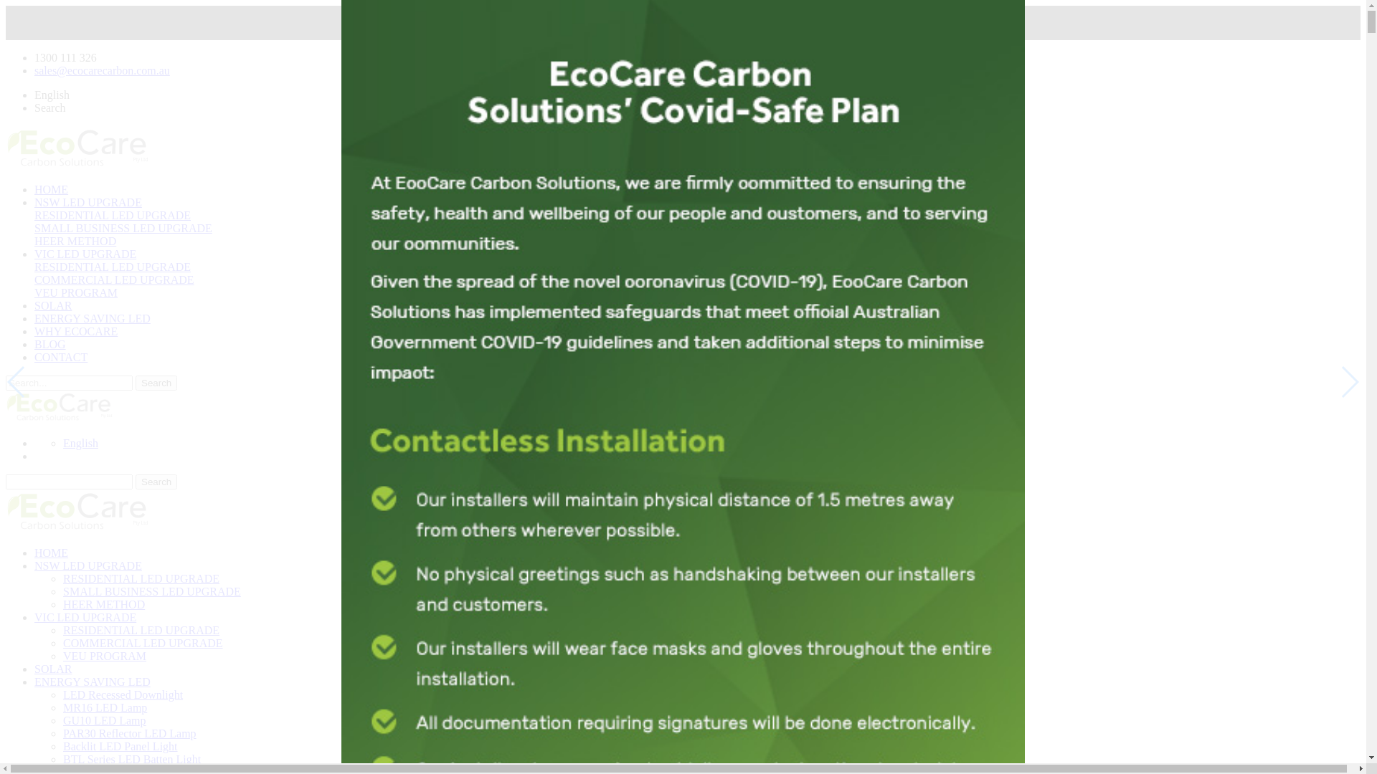 The height and width of the screenshot is (774, 1377). Describe the element at coordinates (130, 733) in the screenshot. I see `'PAR30 Reflector LED Lamp'` at that location.